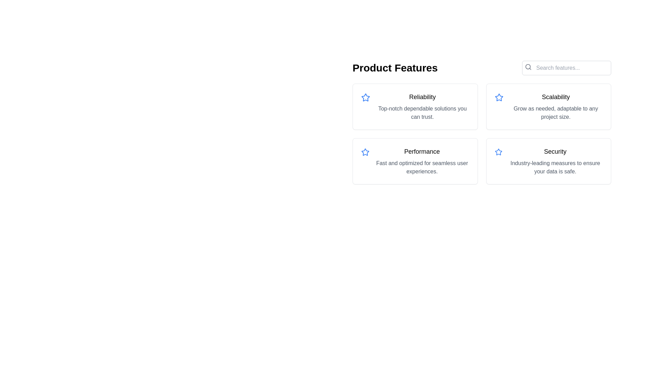 The image size is (663, 373). Describe the element at coordinates (528, 67) in the screenshot. I see `the circular lens element of the search icon located in the top-right corner of the search bar input area` at that location.